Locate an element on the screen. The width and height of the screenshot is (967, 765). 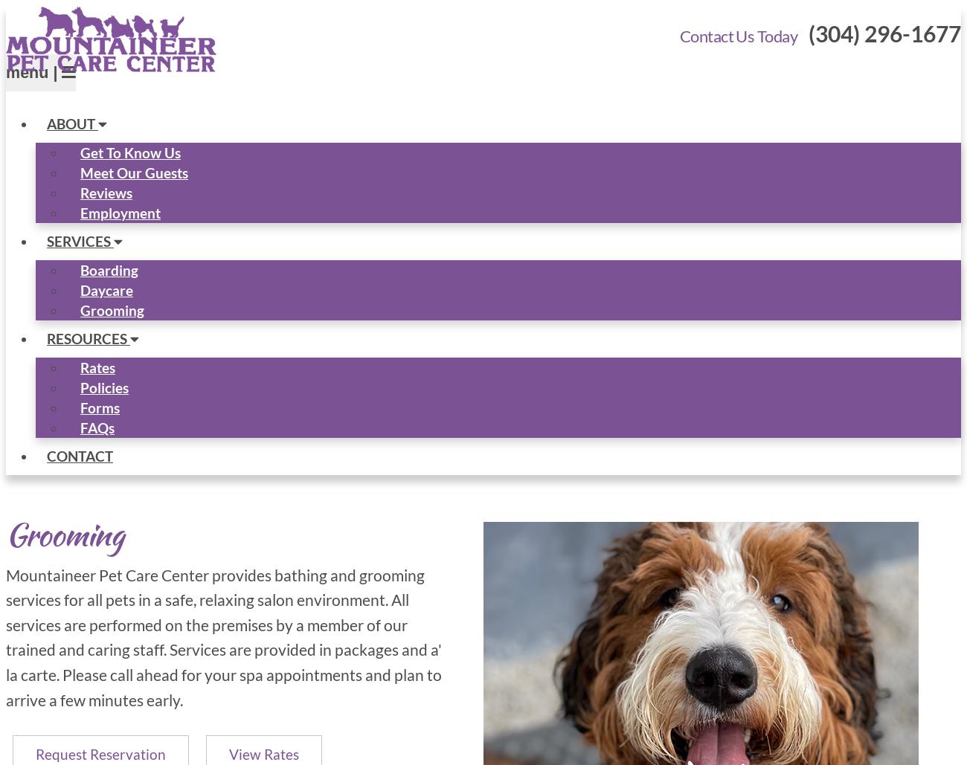
'Daycare' is located at coordinates (80, 288).